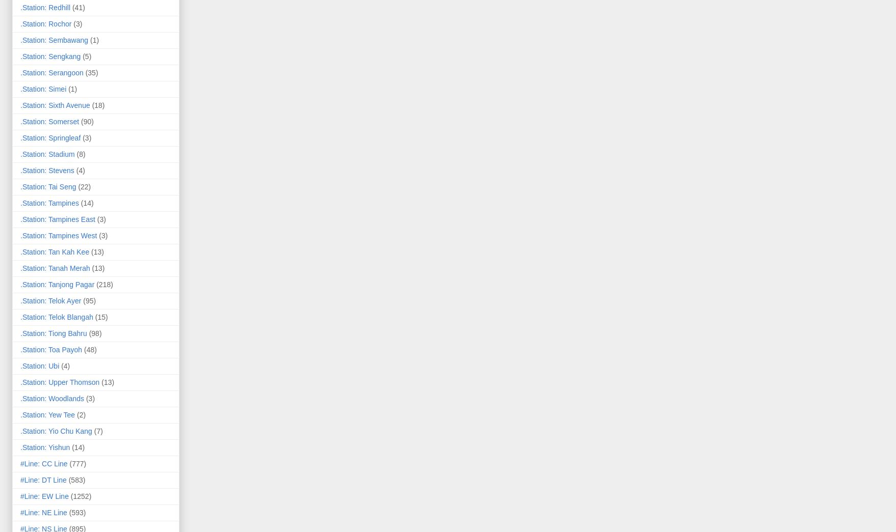 The image size is (896, 532). Describe the element at coordinates (55, 104) in the screenshot. I see `'.Station: Sixth Avenue'` at that location.